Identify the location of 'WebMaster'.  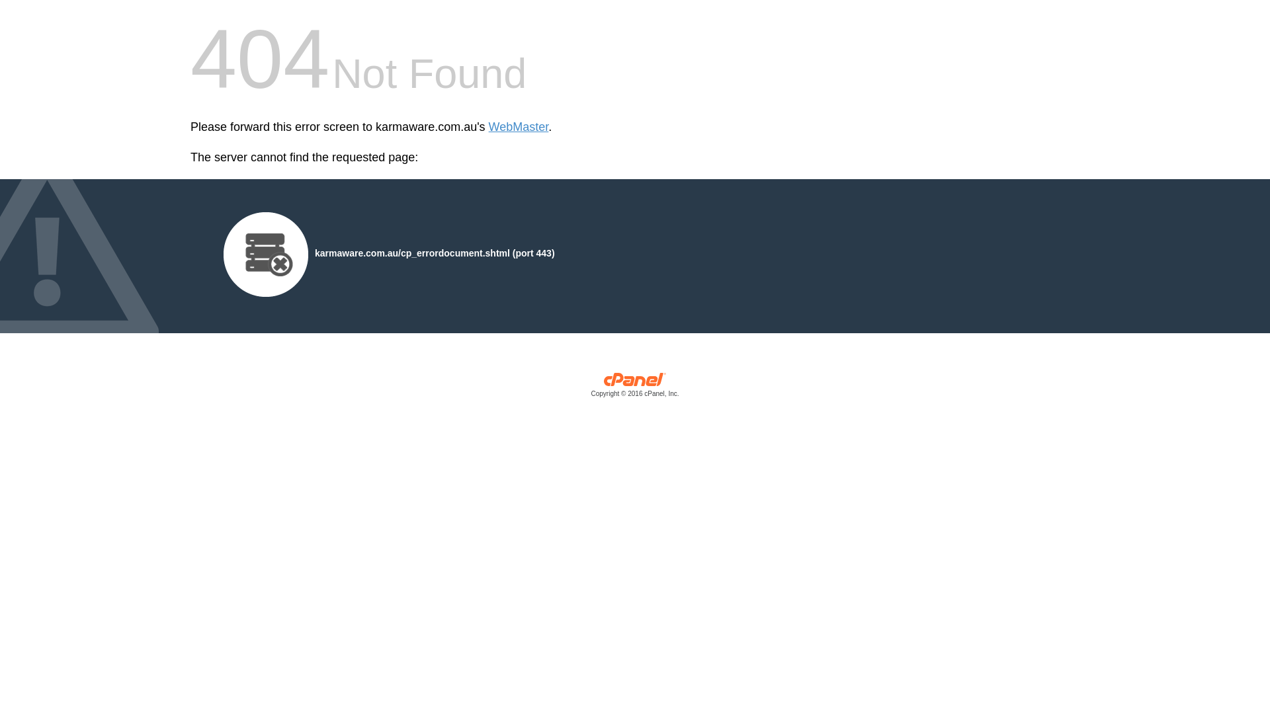
(518, 127).